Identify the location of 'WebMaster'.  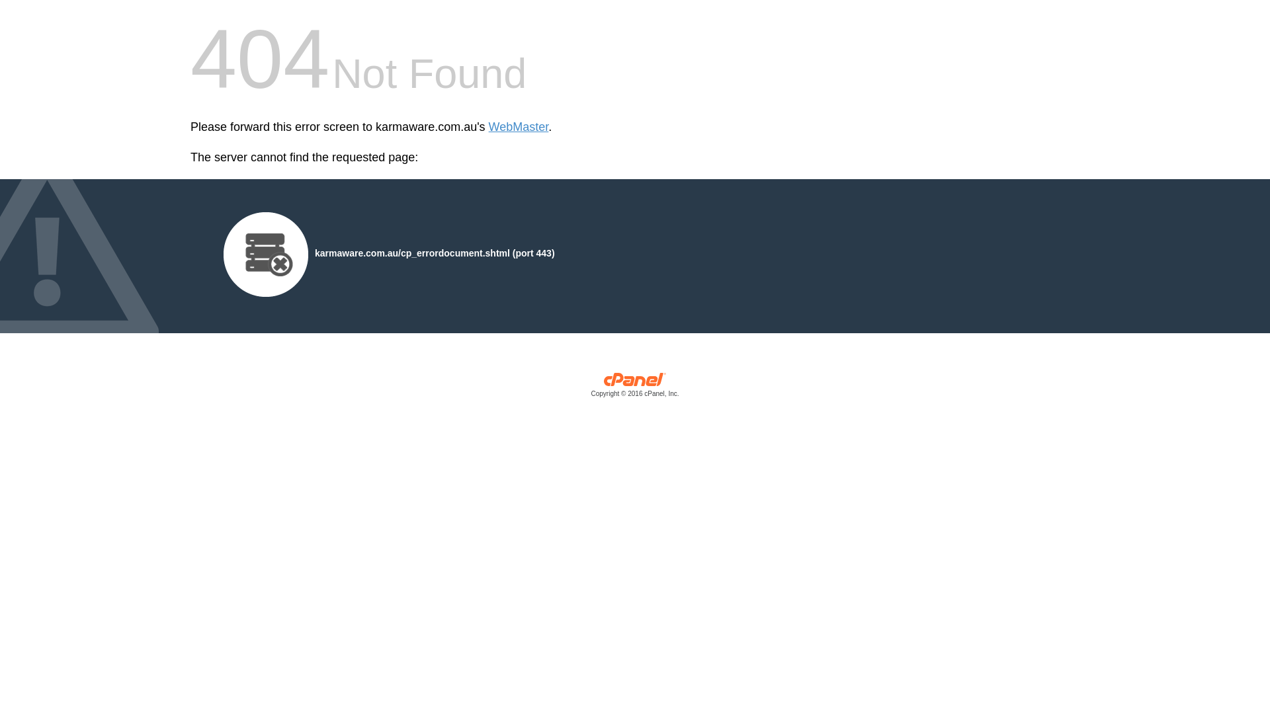
(518, 127).